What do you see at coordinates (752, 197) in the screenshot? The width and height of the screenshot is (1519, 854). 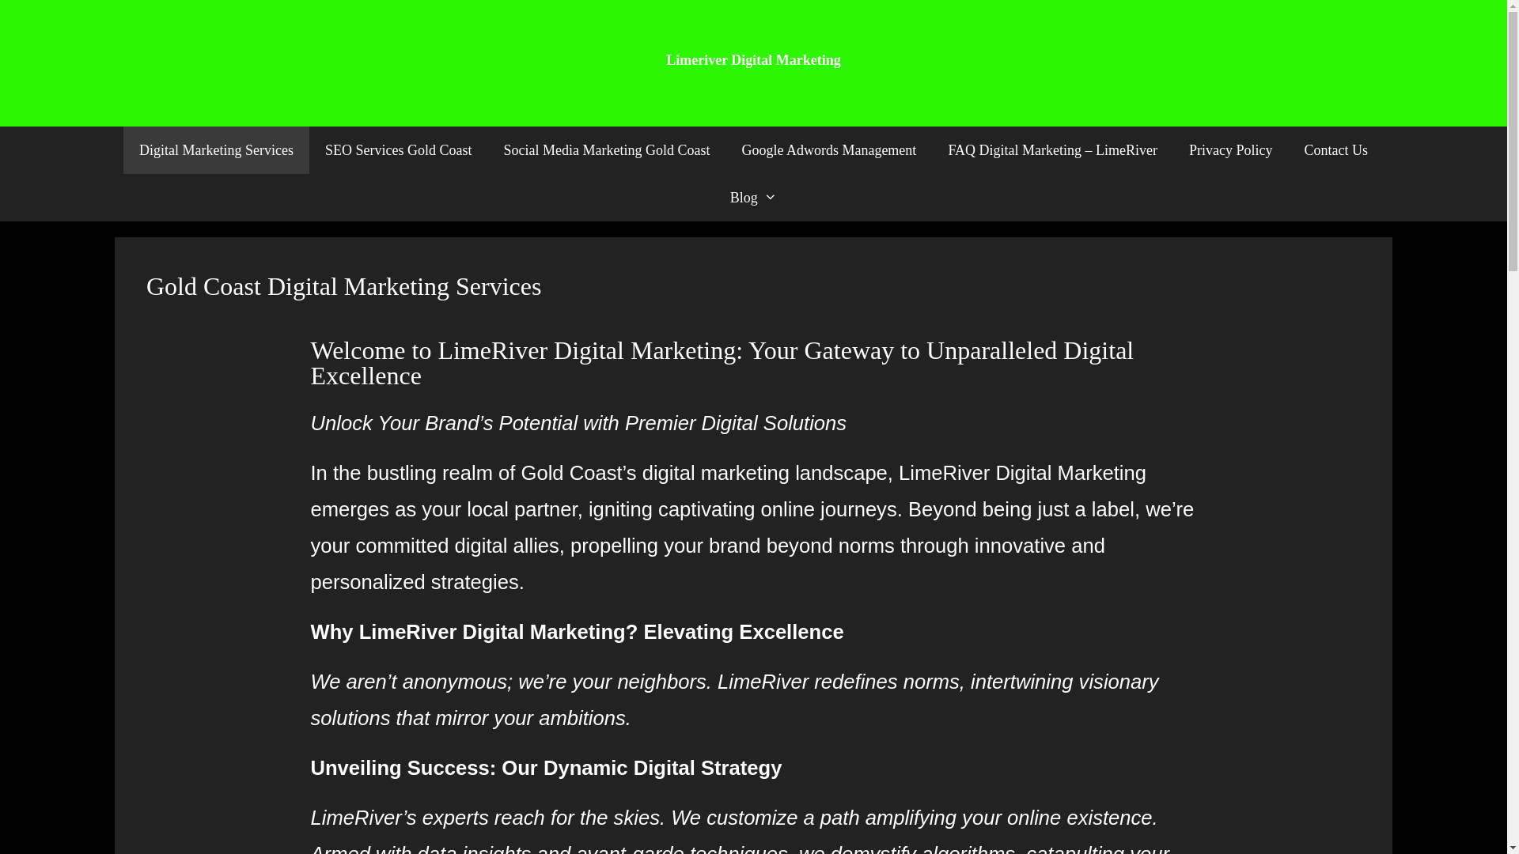 I see `'Blog'` at bounding box center [752, 197].